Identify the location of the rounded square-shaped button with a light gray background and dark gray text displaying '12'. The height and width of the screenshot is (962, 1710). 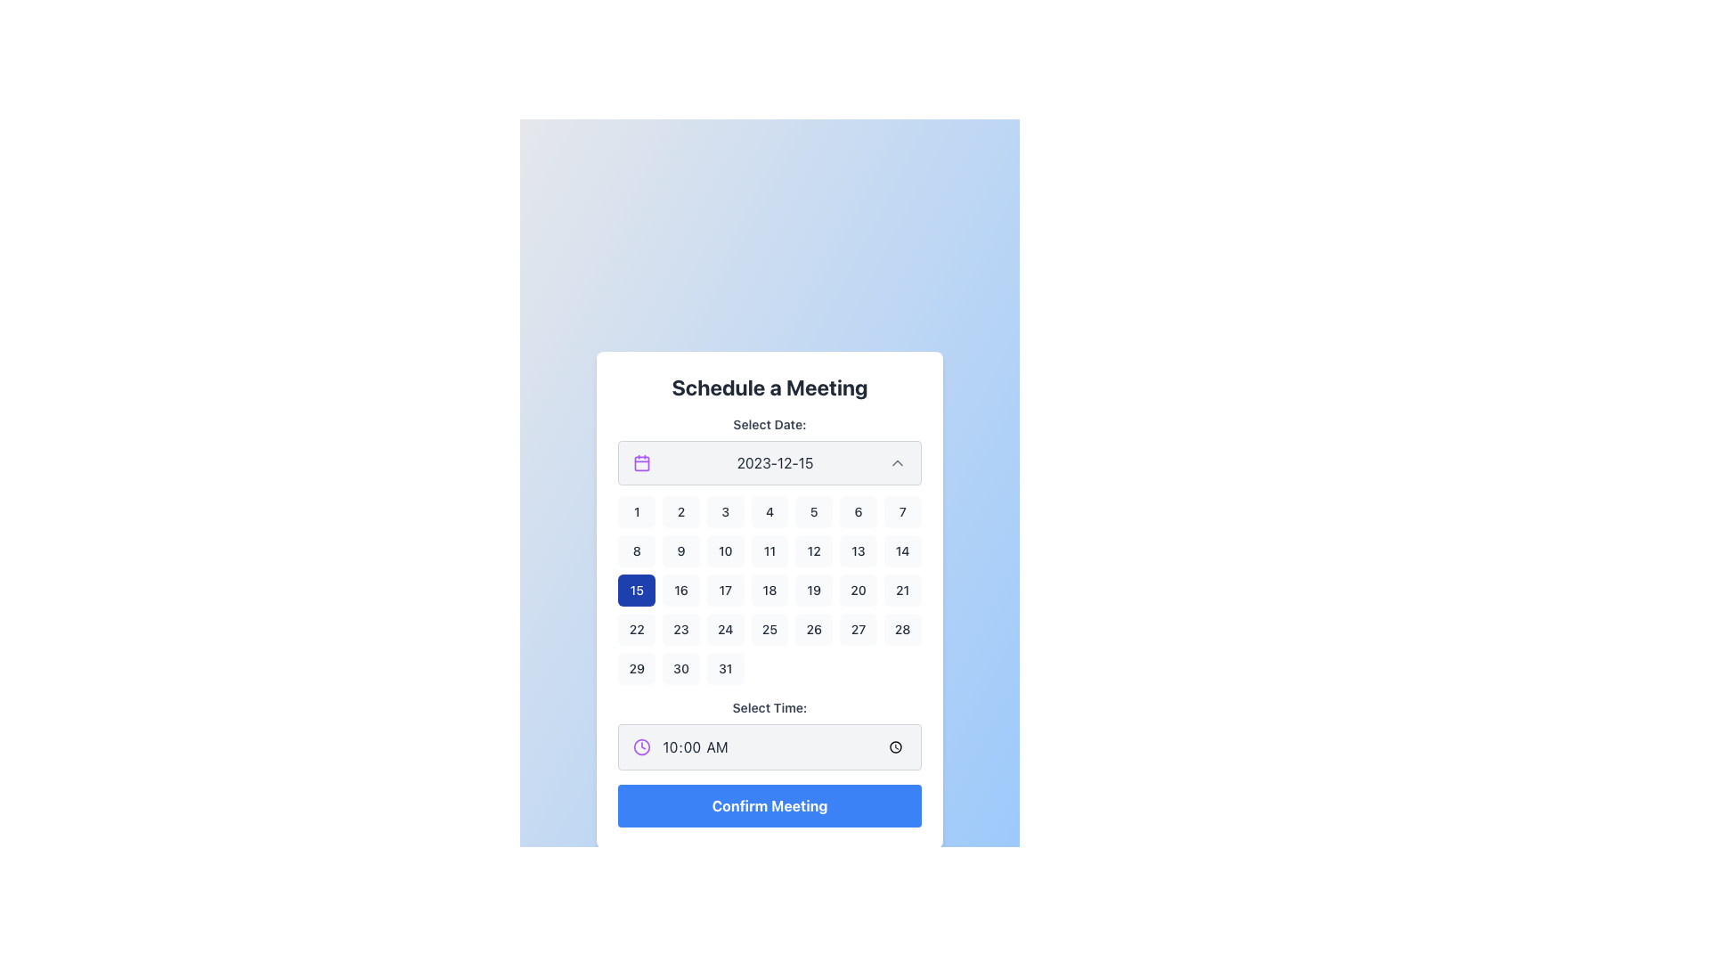
(813, 550).